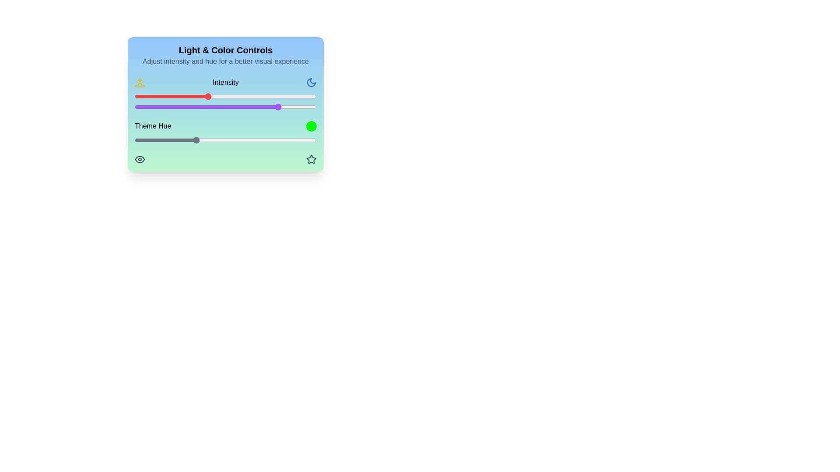 The image size is (840, 472). What do you see at coordinates (225, 107) in the screenshot?
I see `the range slider located in the lower part of the 'Intensity' section` at bounding box center [225, 107].